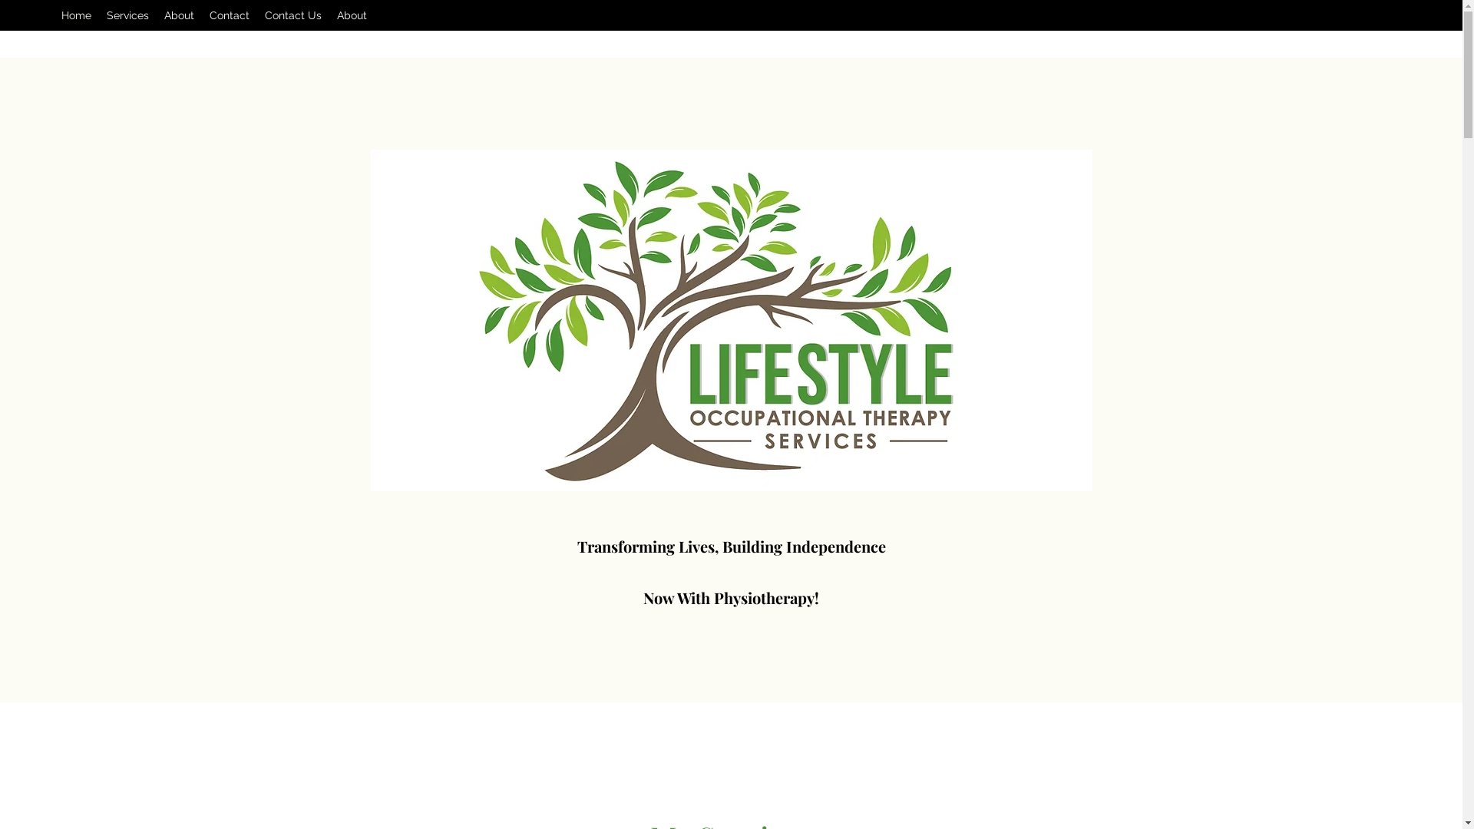  What do you see at coordinates (98, 15) in the screenshot?
I see `'Services'` at bounding box center [98, 15].